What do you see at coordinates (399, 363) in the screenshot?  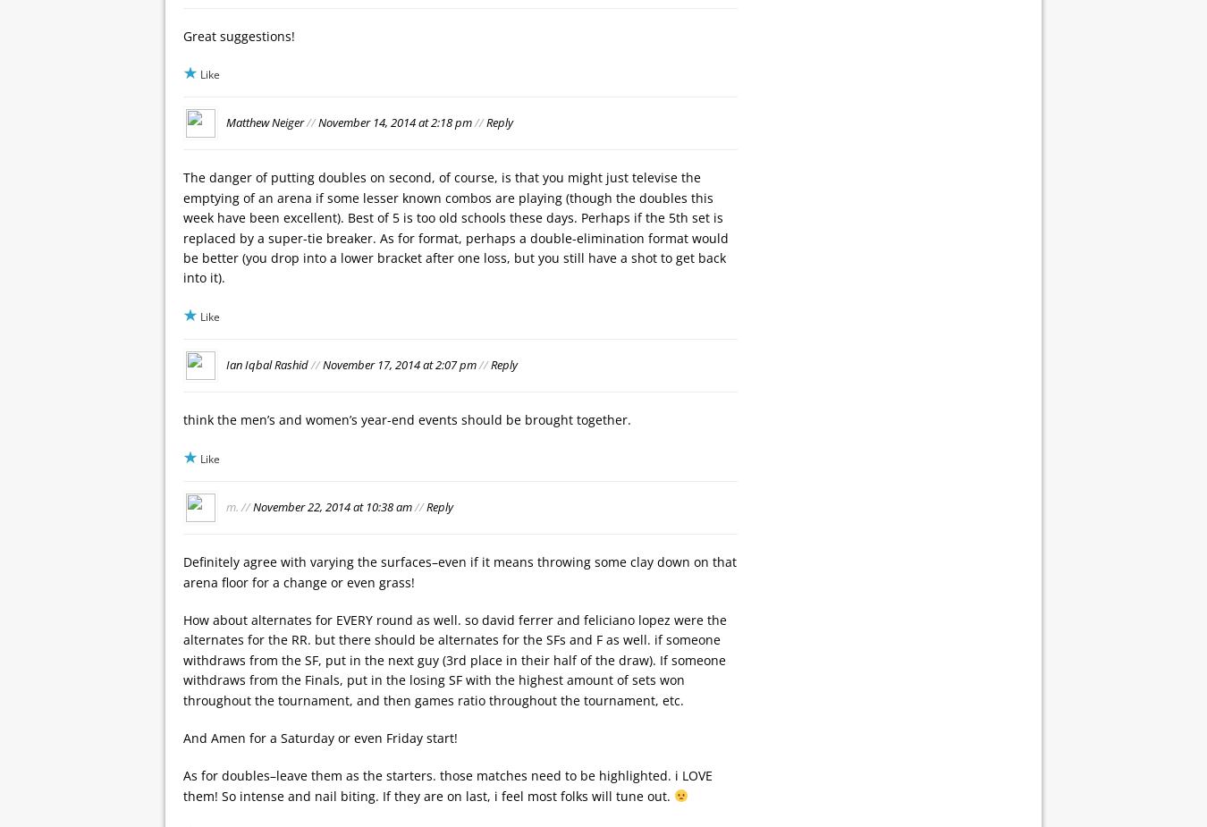 I see `'November 17, 2014 at 2:07 pm'` at bounding box center [399, 363].